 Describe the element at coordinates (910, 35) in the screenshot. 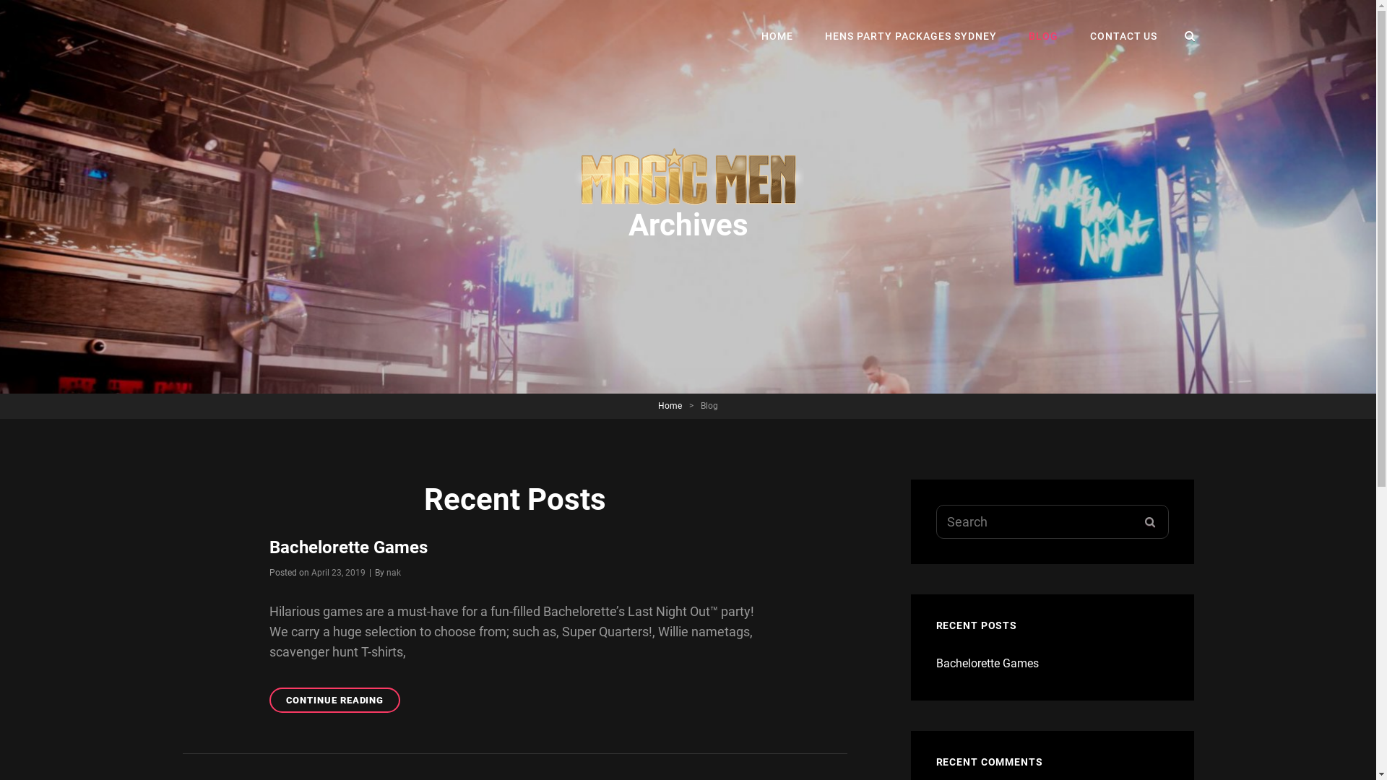

I see `'HENS PARTY PACKAGES SYDNEY'` at that location.